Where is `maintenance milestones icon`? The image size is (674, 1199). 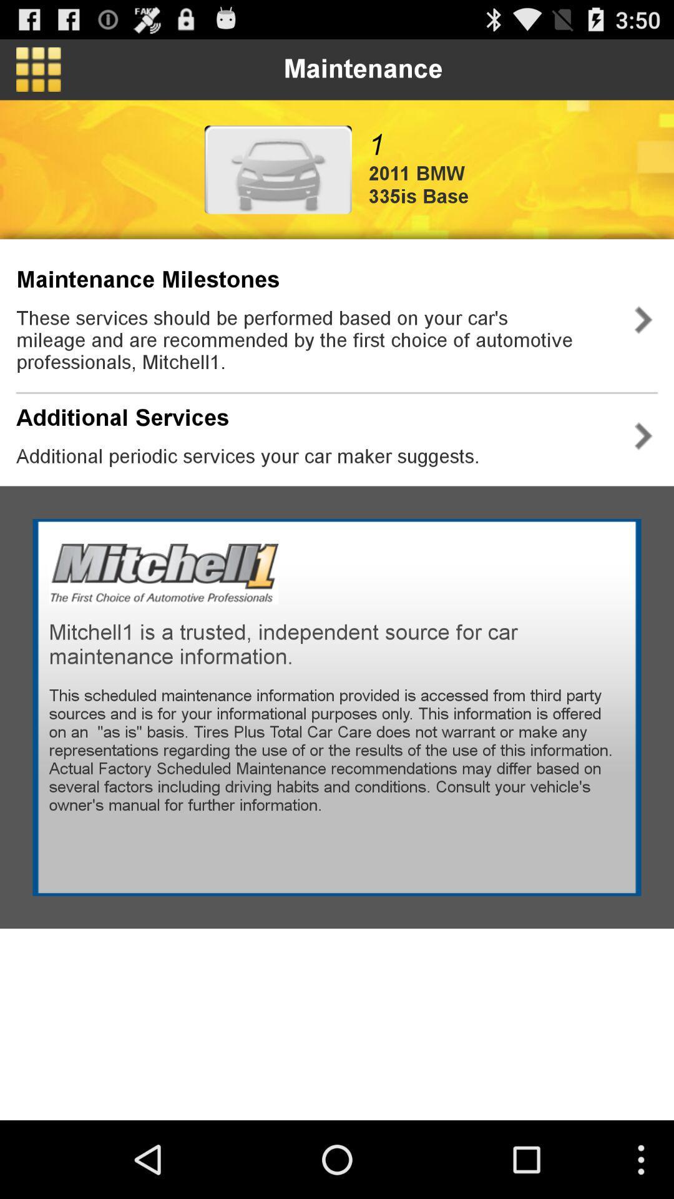 maintenance milestones icon is located at coordinates (147, 279).